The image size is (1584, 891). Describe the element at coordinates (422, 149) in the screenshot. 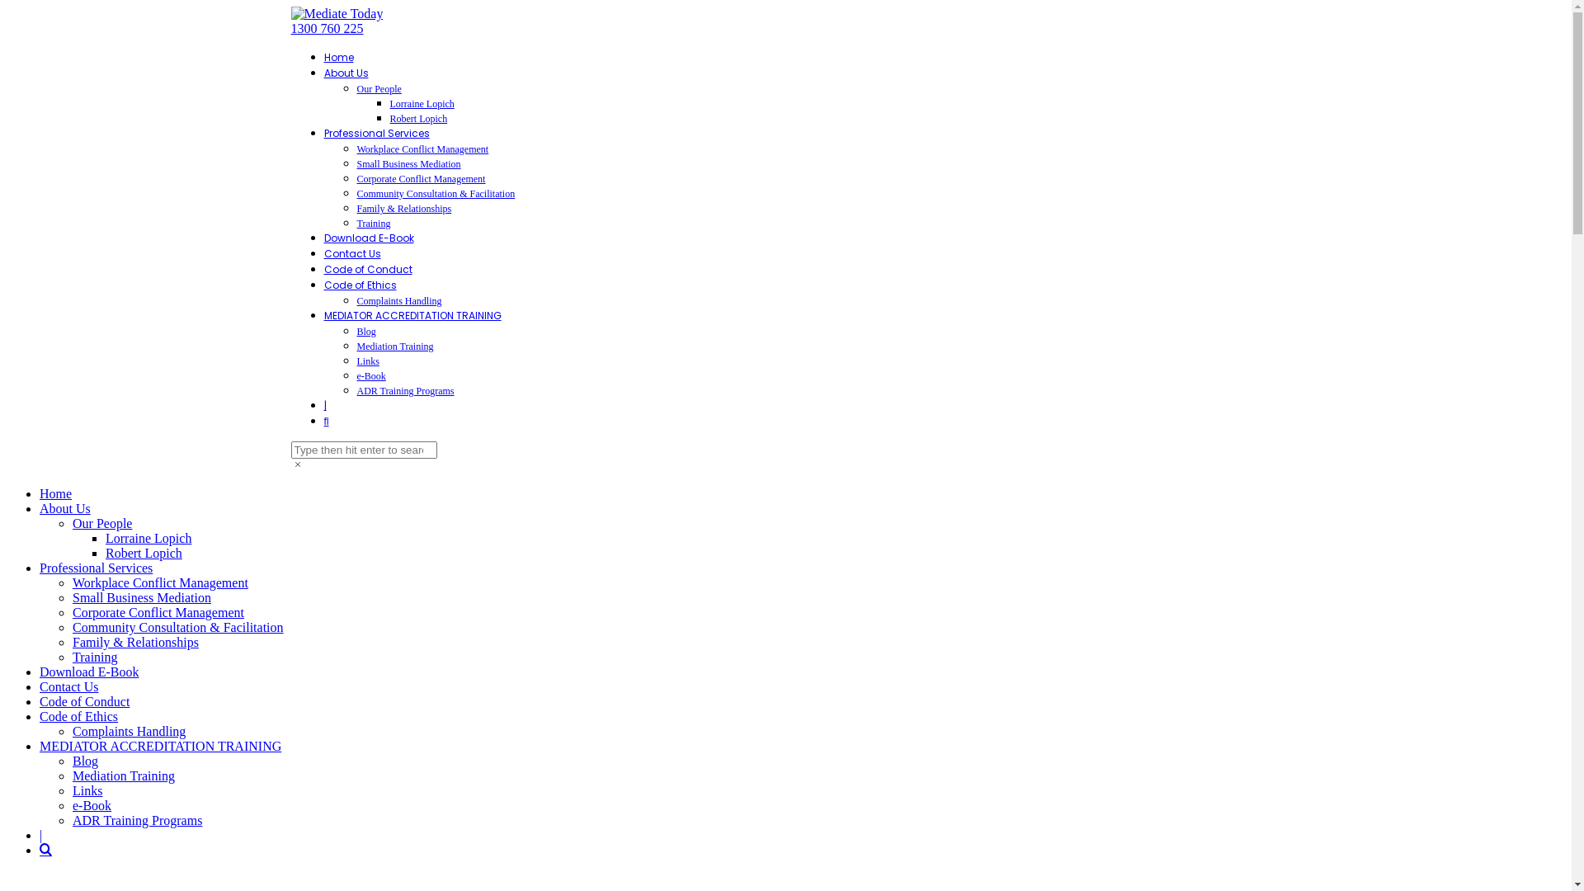

I see `'Workplace Conflict Management'` at that location.